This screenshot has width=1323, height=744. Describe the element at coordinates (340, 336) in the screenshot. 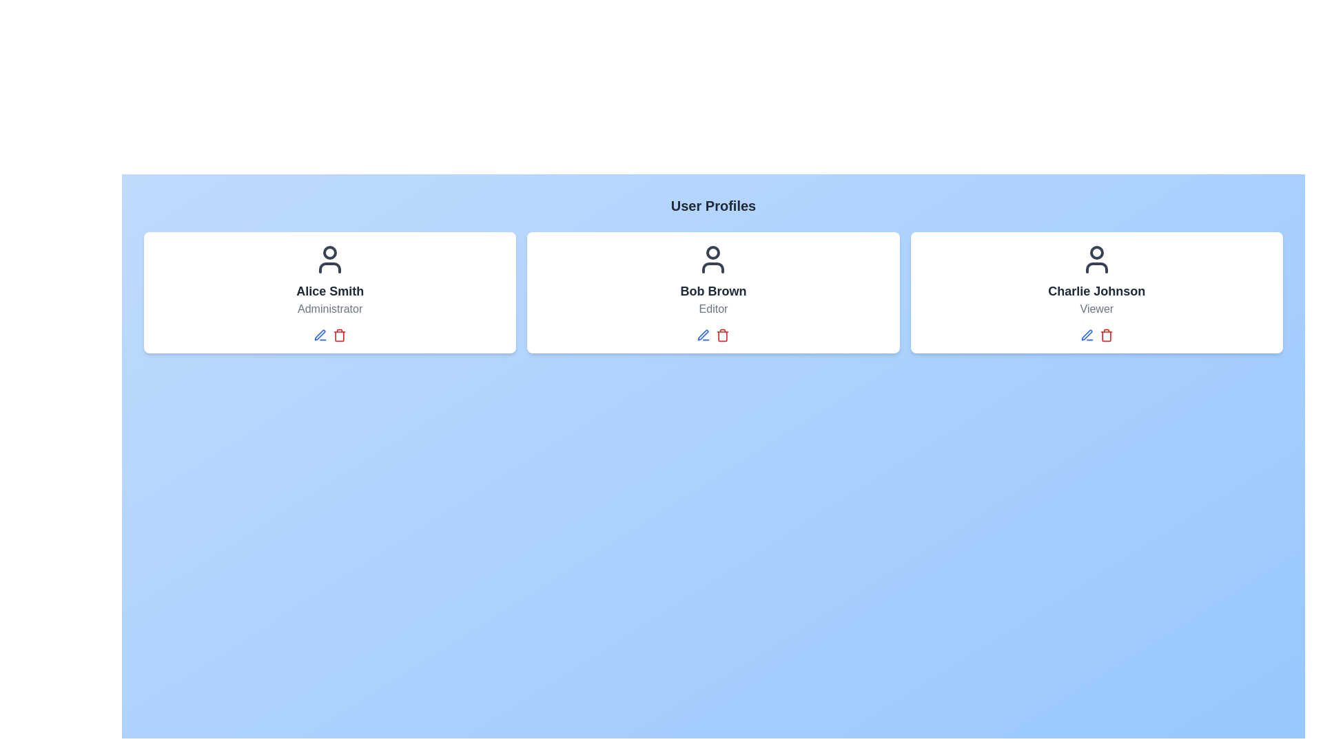

I see `the trash can icon button located at the bottom right corner of Alice Smith's user profile card to initiate deletion` at that location.